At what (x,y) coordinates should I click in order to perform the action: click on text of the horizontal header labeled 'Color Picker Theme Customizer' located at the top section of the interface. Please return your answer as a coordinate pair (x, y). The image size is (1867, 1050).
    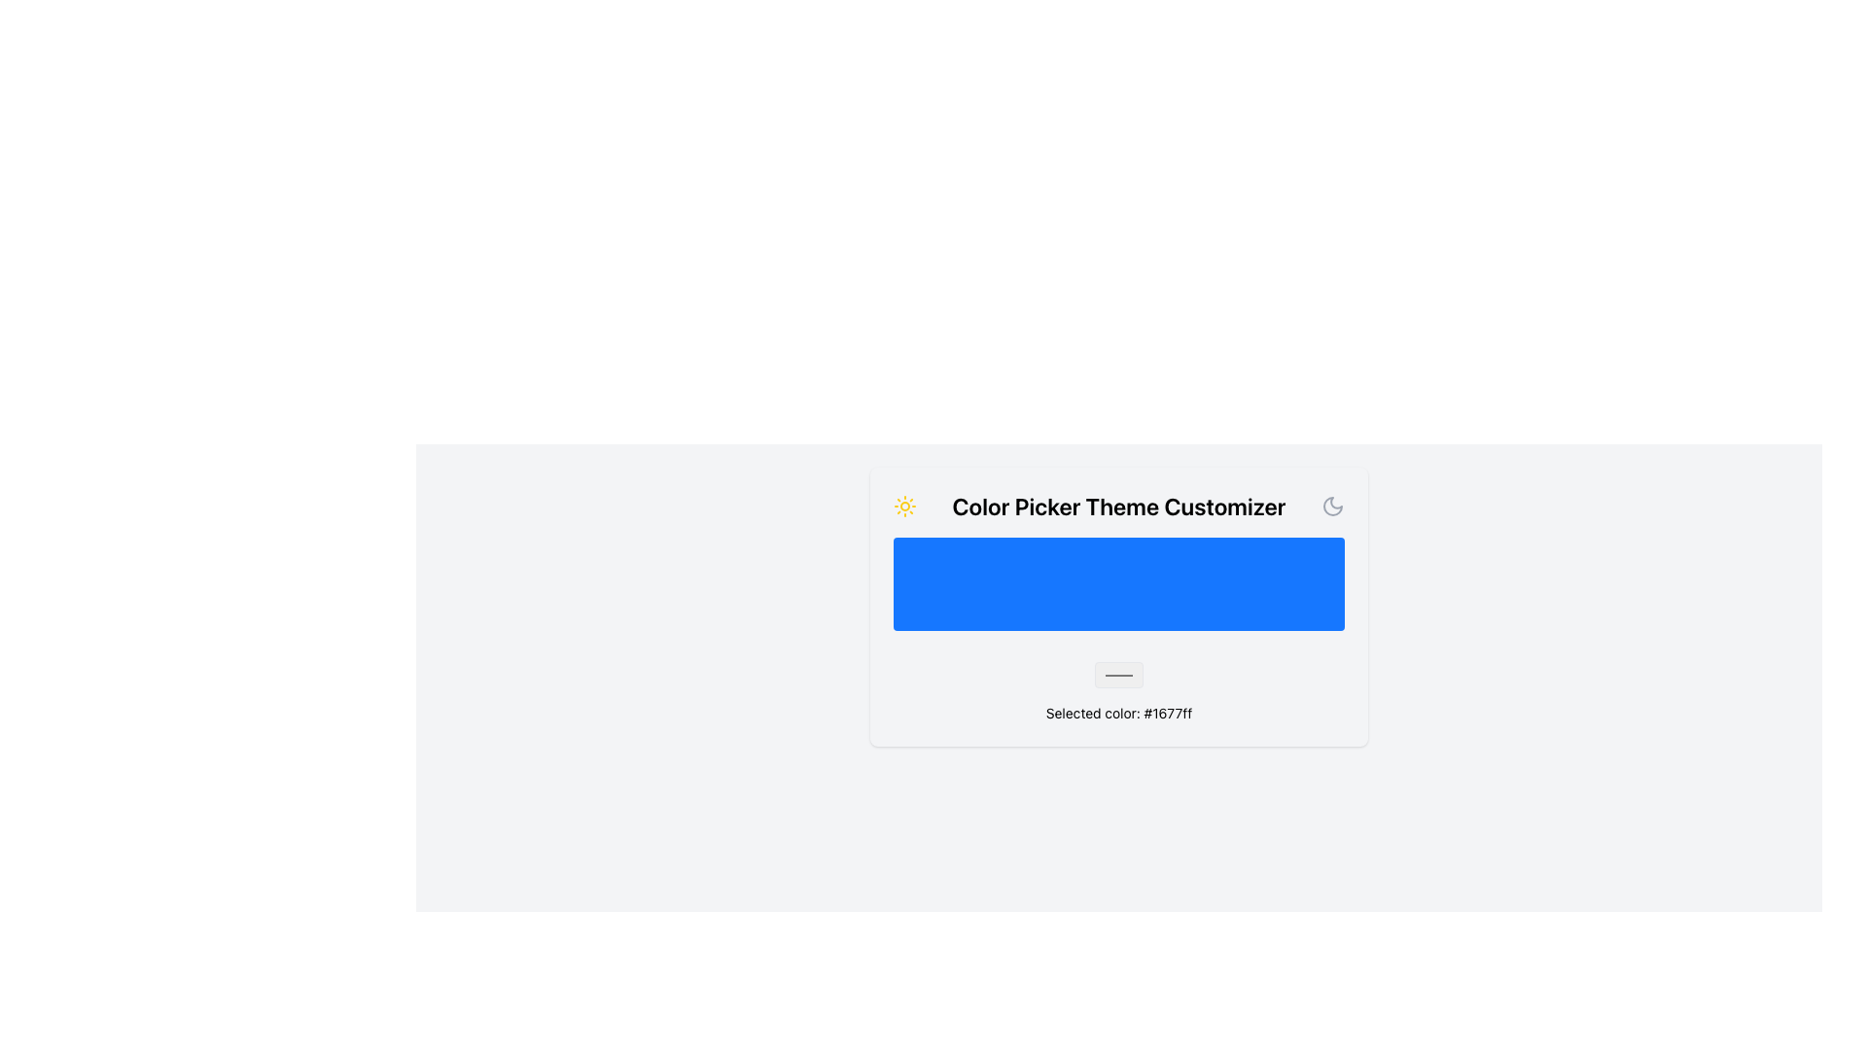
    Looking at the image, I should click on (1119, 505).